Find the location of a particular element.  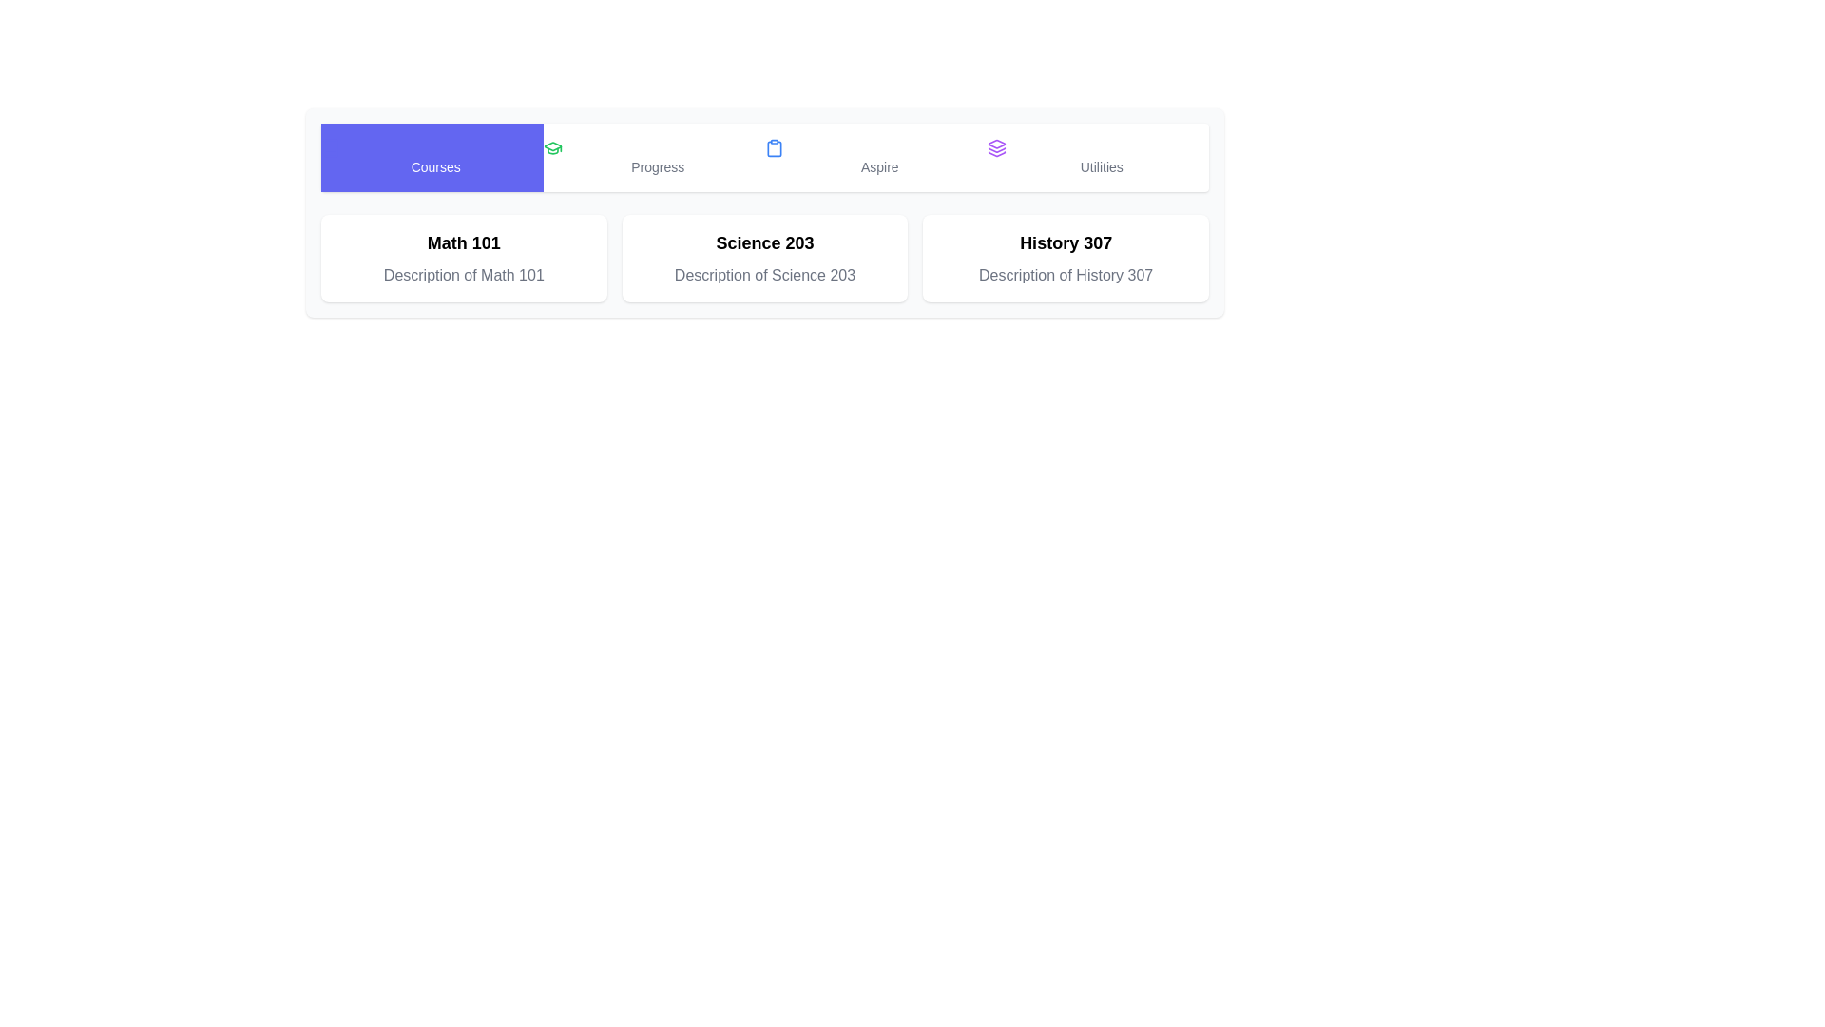

the 'Progress' text label, which is displayed in small, gray text within the navigation area, located in the second item of a horizontal navigation bar, immediately after a graduation cap icon is located at coordinates (658, 166).